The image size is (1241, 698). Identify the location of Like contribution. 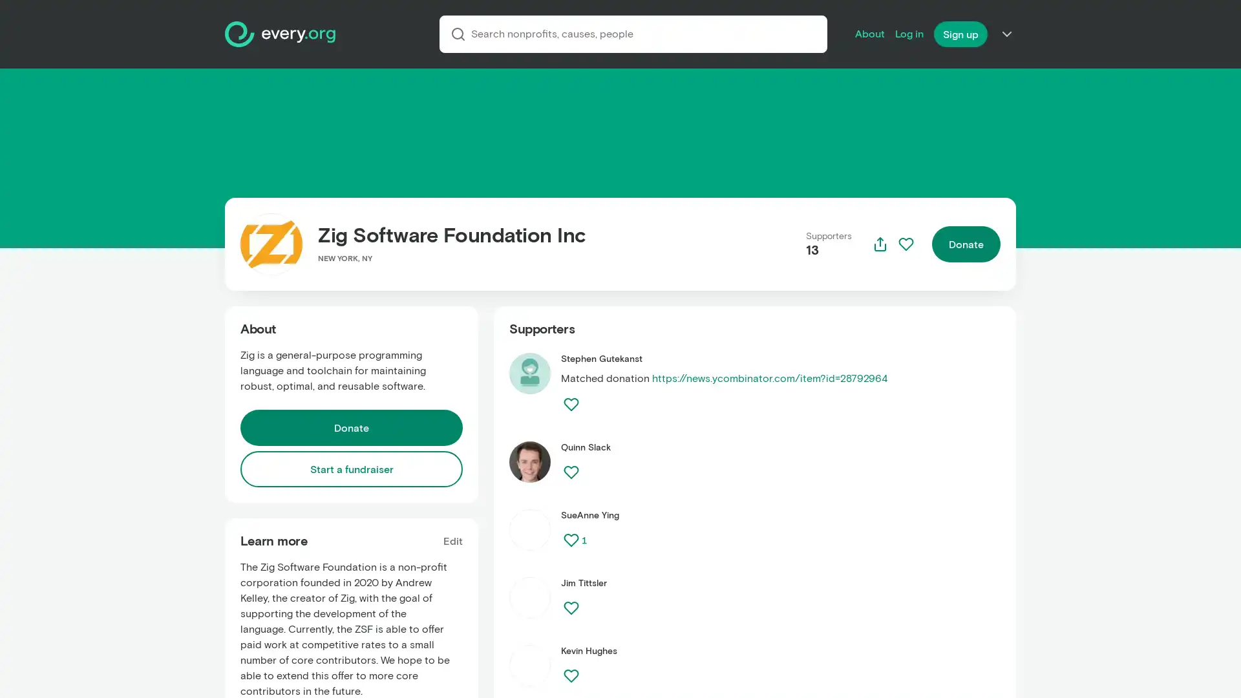
(570, 403).